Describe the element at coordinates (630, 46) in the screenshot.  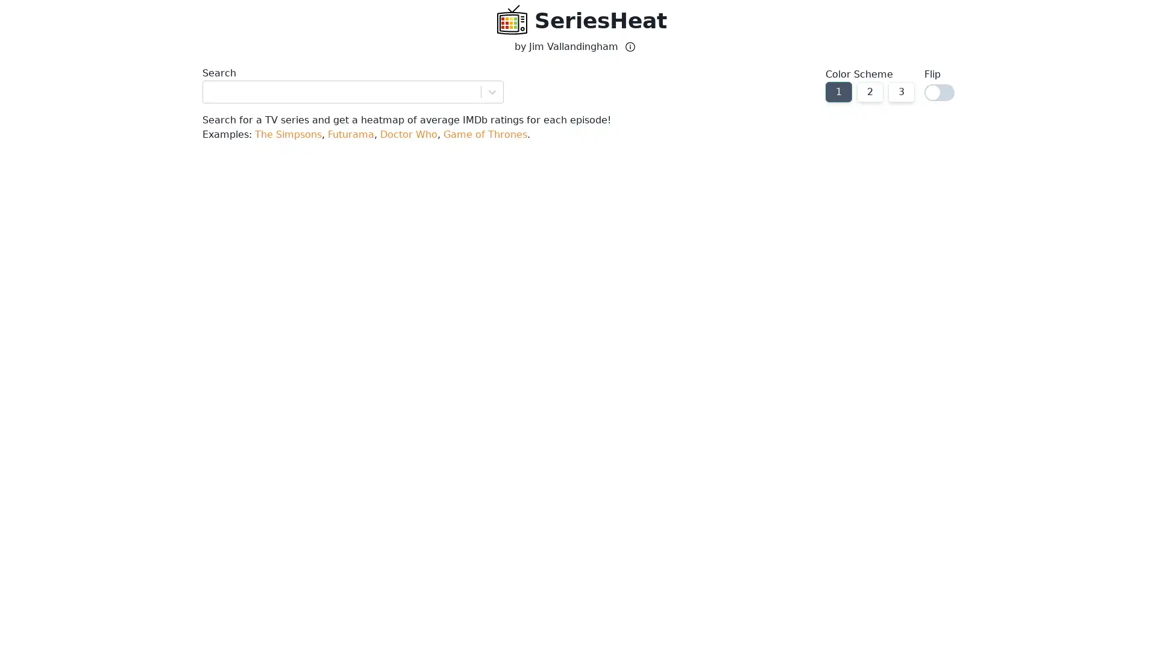
I see `information` at that location.